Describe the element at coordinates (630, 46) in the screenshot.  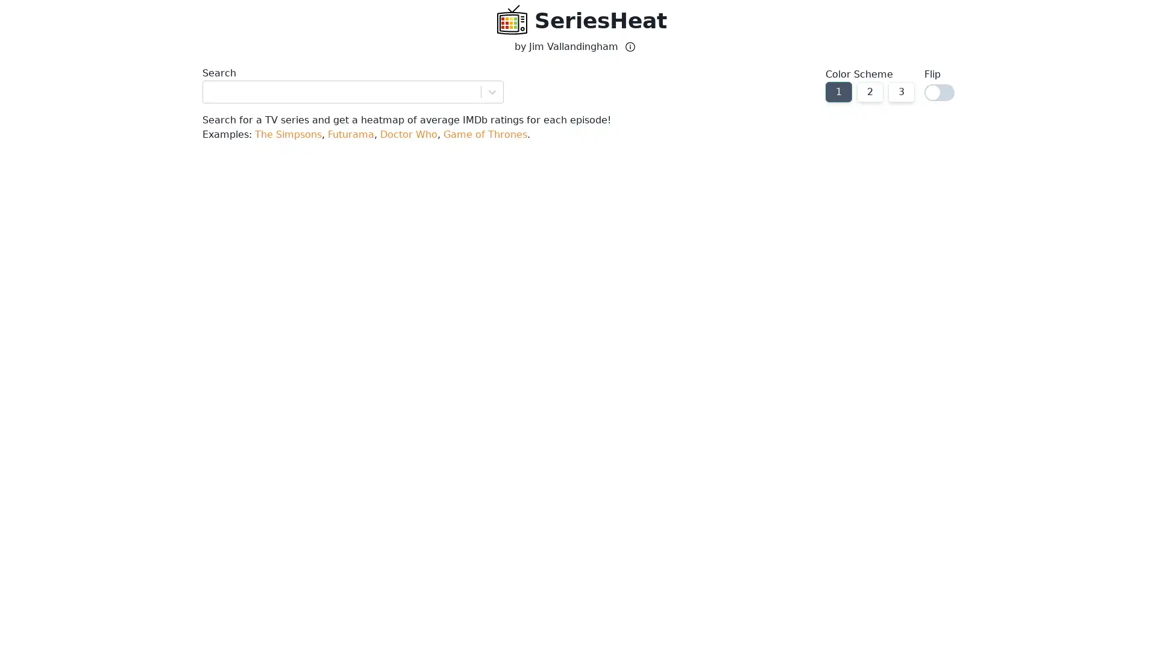
I see `information` at that location.